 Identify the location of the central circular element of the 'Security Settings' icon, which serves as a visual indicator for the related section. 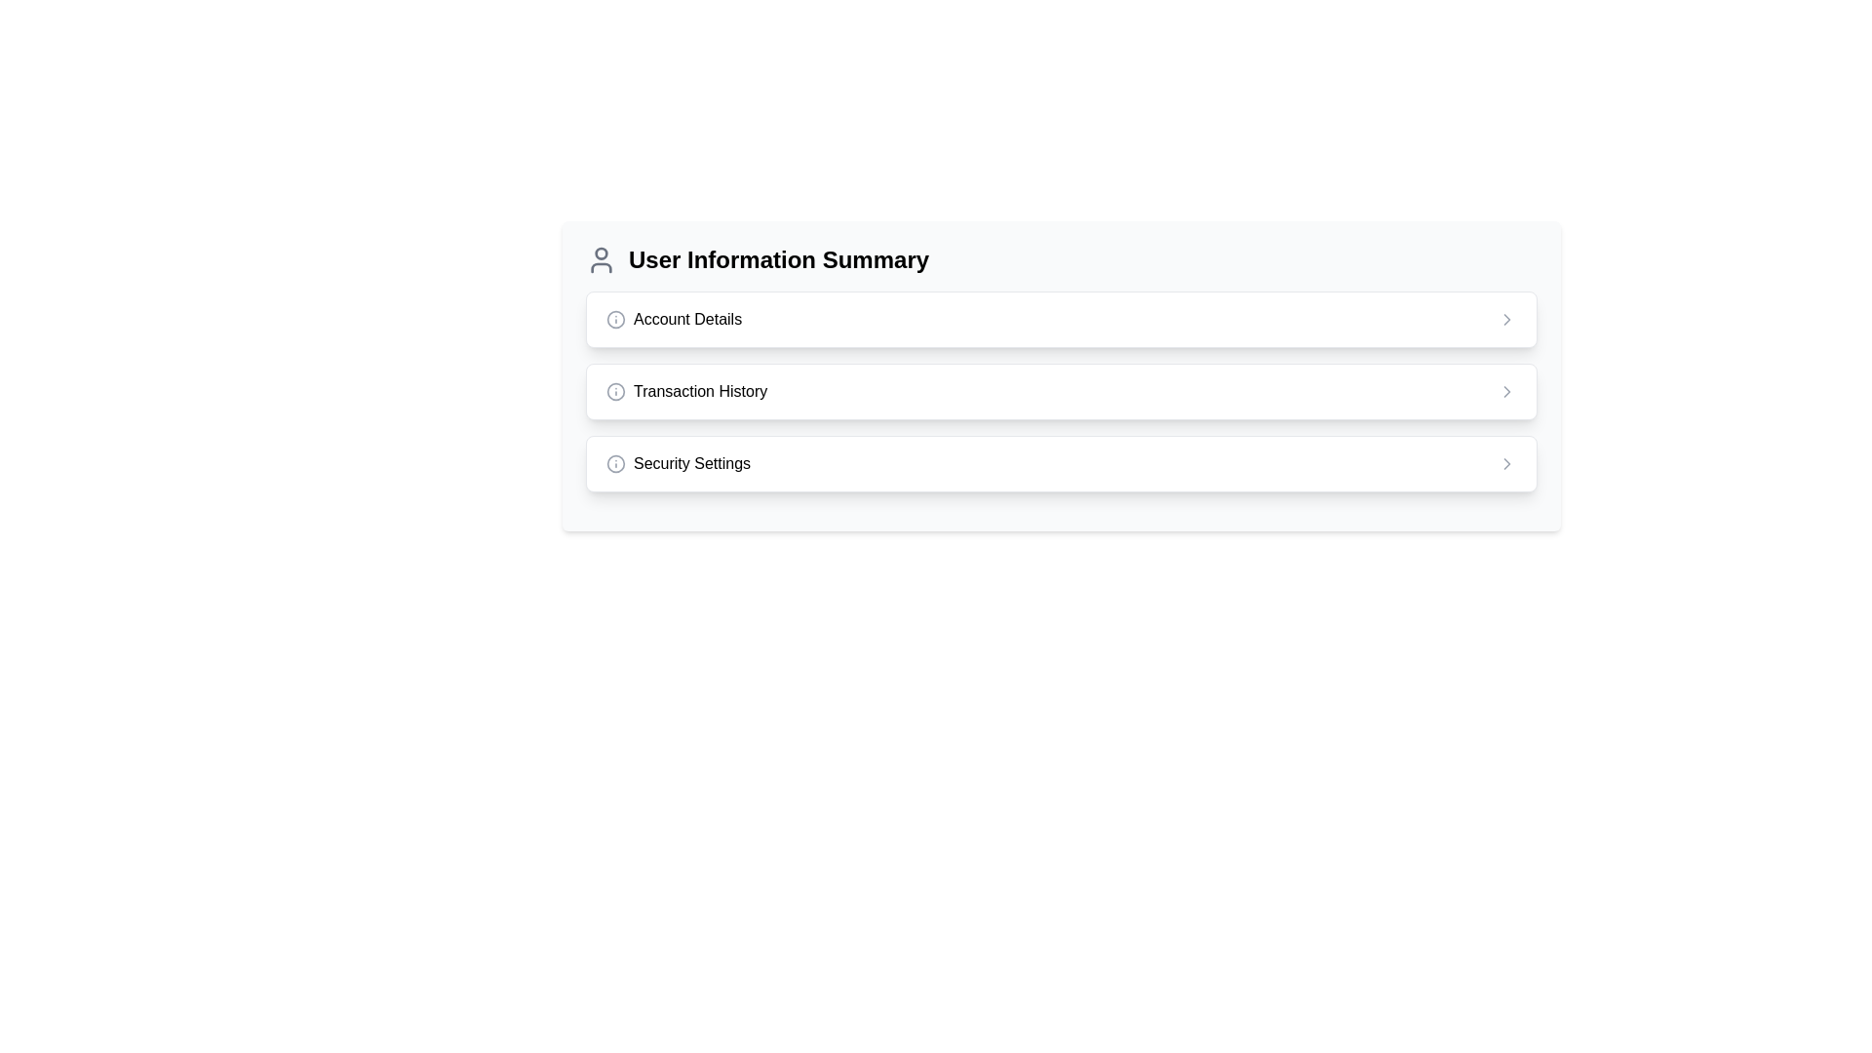
(615, 463).